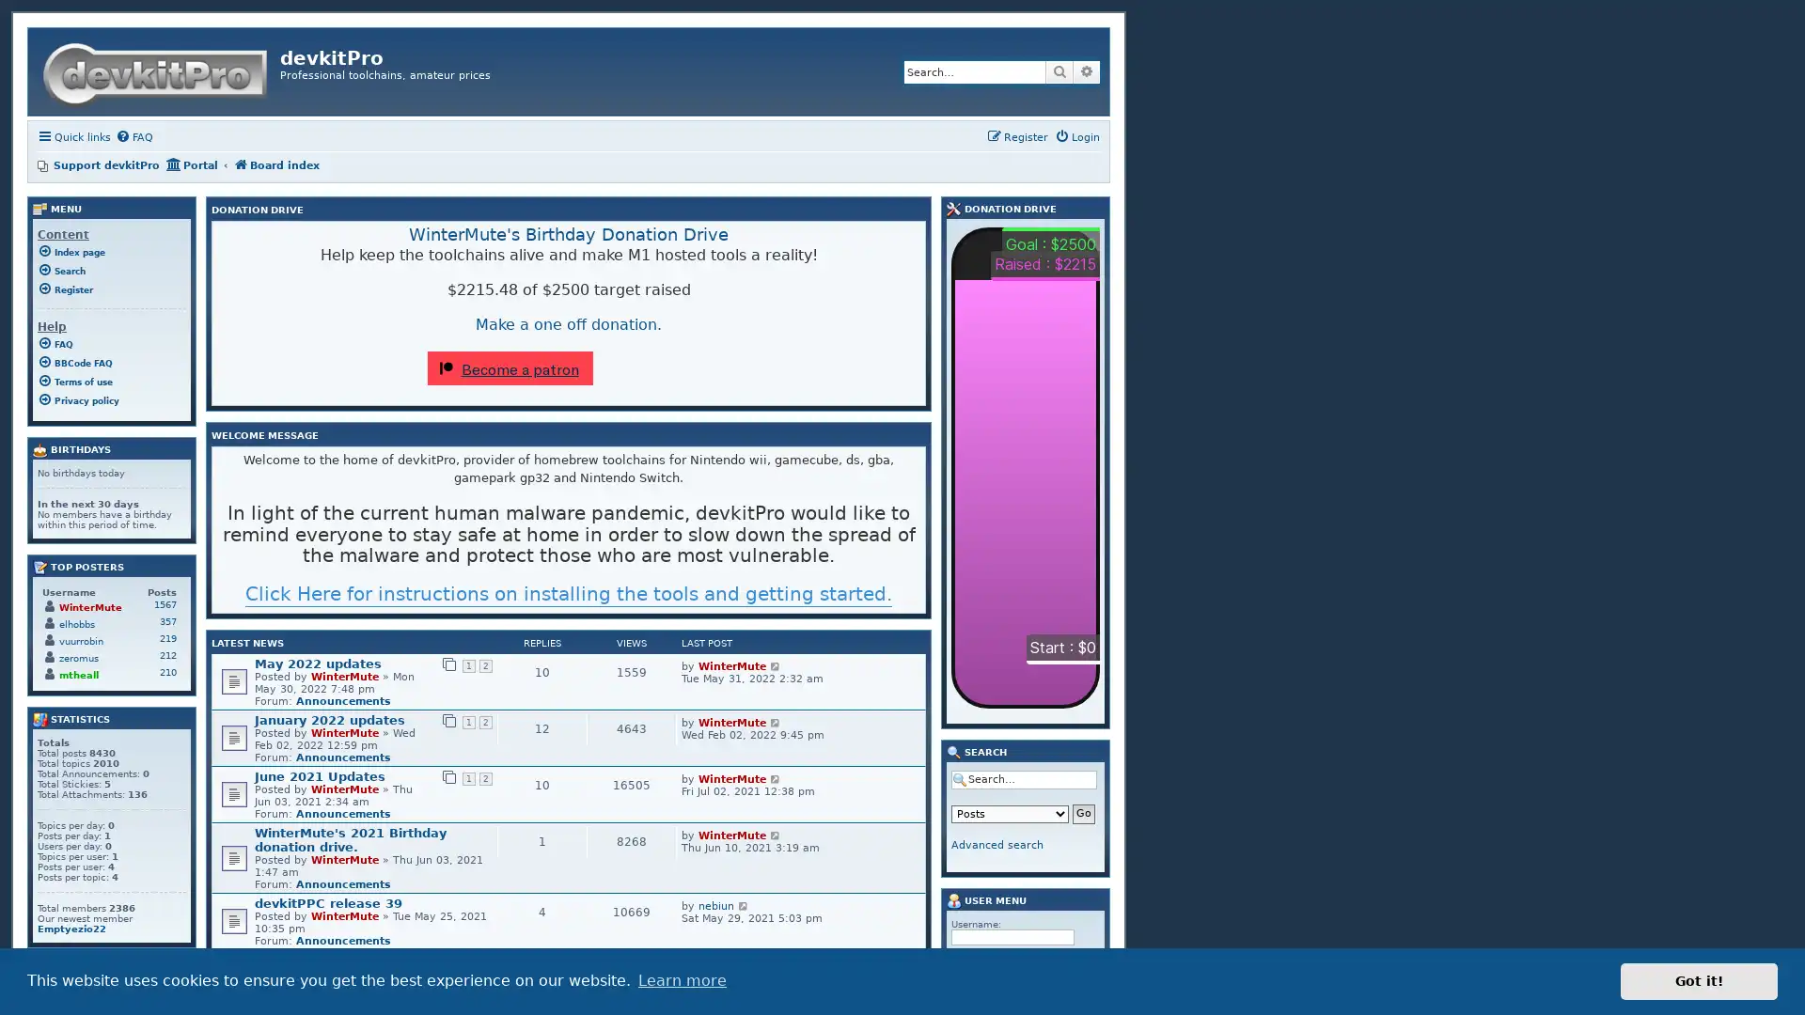 This screenshot has height=1015, width=1805. What do you see at coordinates (826, 960) in the screenshot?
I see `2` at bounding box center [826, 960].